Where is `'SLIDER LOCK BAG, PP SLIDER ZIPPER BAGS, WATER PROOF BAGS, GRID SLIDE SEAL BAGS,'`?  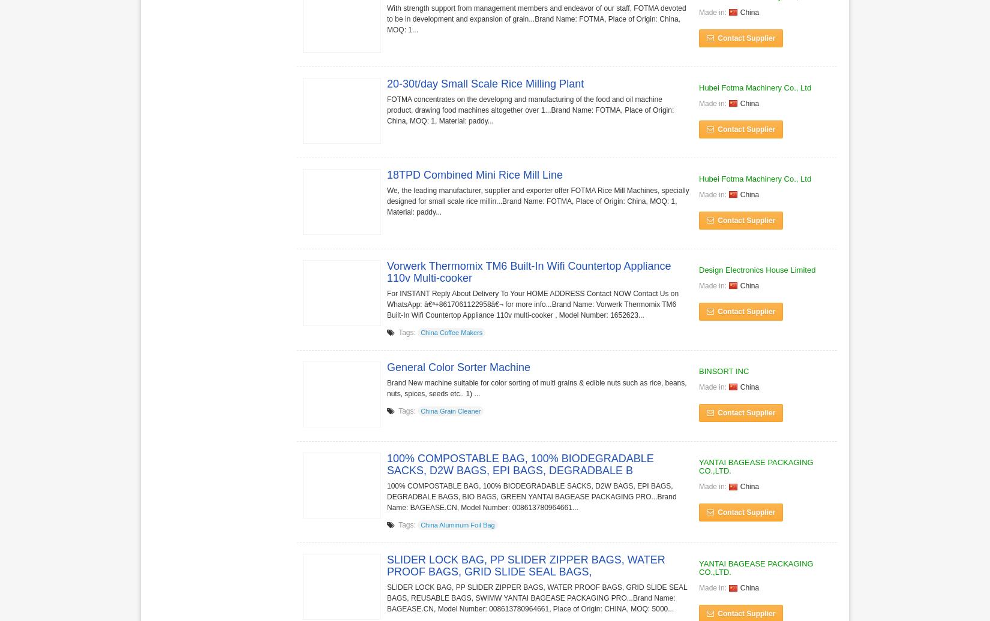 'SLIDER LOCK BAG, PP SLIDER ZIPPER BAGS, WATER PROOF BAGS, GRID SLIDE SEAL BAGS,' is located at coordinates (386, 565).